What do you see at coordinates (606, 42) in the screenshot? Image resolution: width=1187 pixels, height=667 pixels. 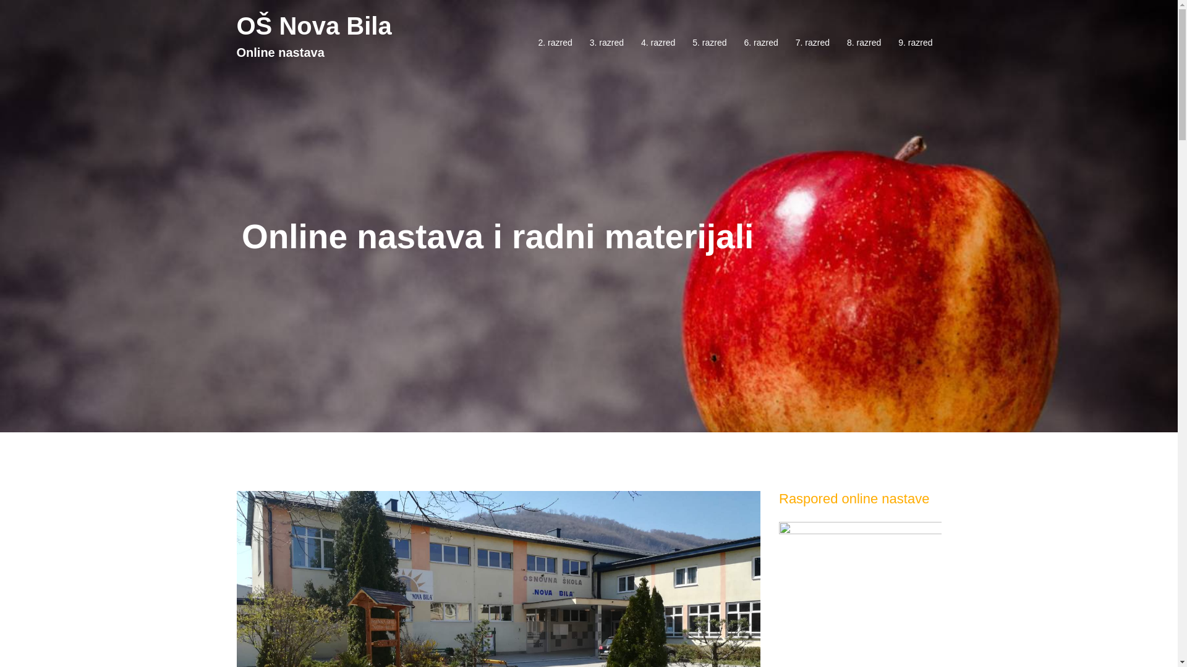 I see `'3. razred'` at bounding box center [606, 42].